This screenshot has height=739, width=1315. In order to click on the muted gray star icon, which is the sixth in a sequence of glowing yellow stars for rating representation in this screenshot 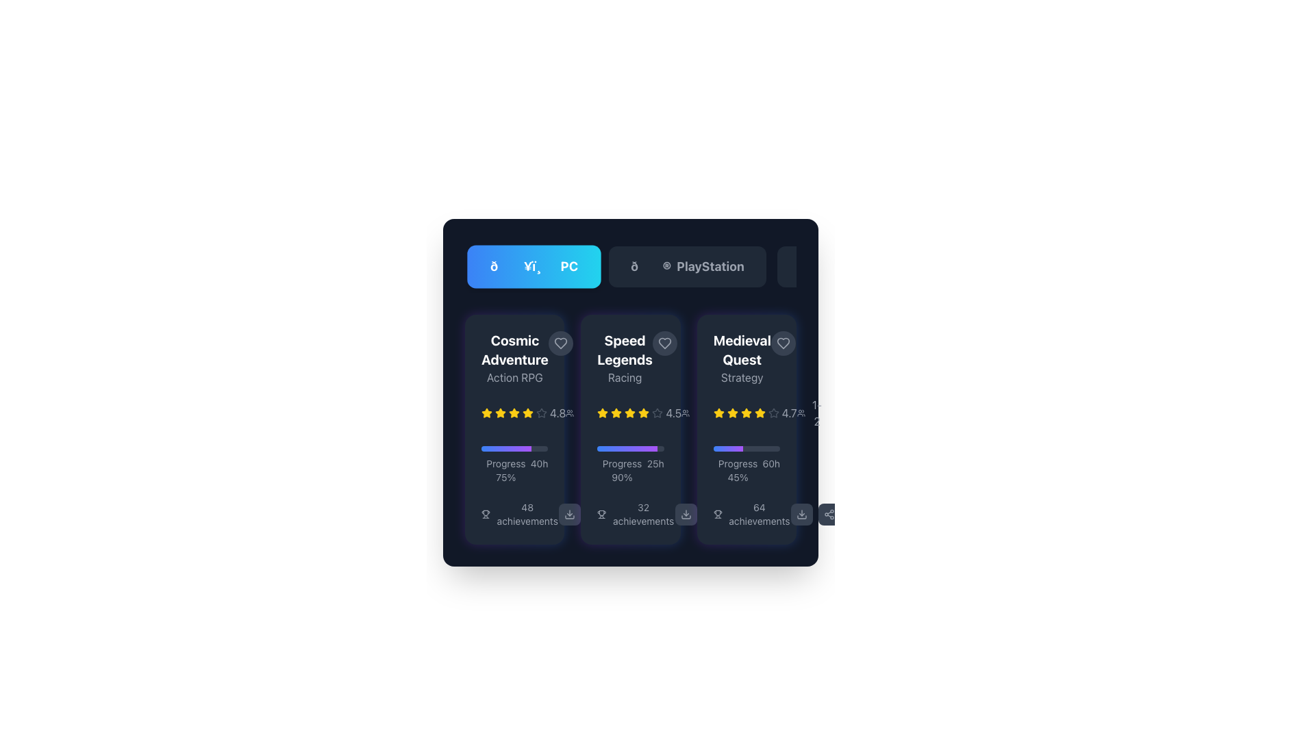, I will do `click(773, 413)`.